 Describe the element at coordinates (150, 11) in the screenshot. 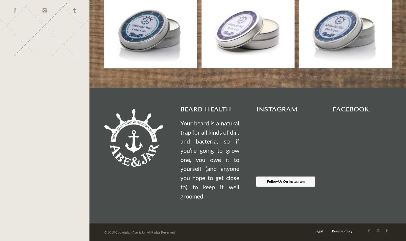

I see `'Ocean Calm Mustache Wax'` at that location.